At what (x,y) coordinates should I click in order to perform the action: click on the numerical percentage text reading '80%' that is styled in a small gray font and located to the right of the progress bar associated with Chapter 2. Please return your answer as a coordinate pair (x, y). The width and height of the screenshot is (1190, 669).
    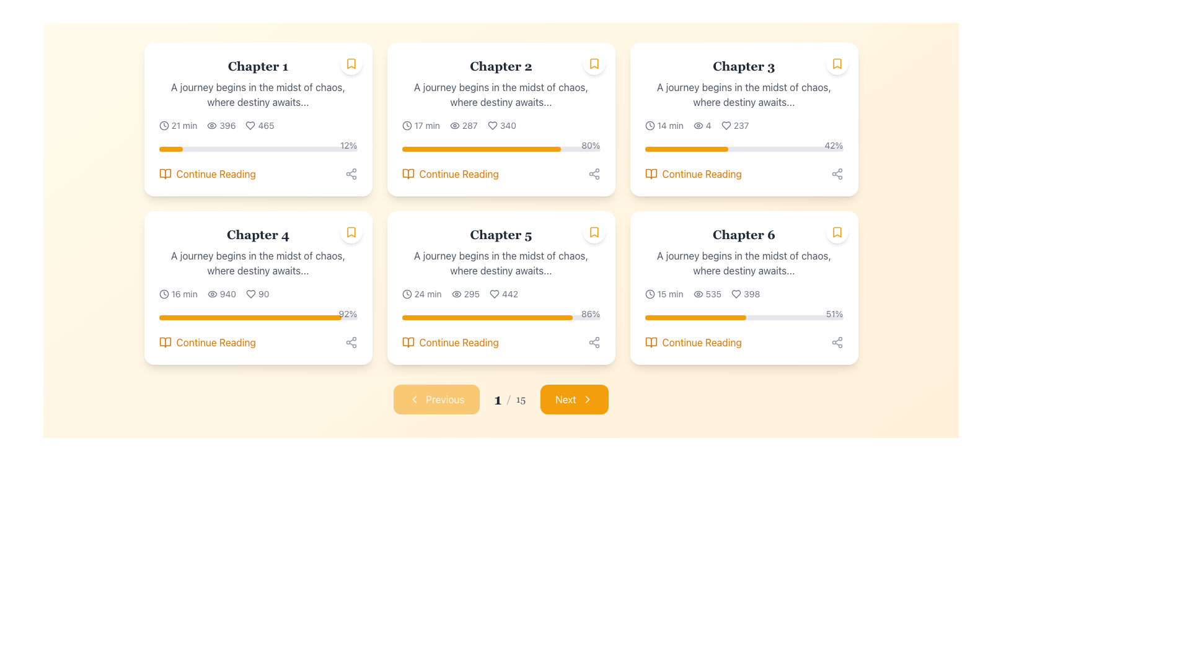
    Looking at the image, I should click on (590, 145).